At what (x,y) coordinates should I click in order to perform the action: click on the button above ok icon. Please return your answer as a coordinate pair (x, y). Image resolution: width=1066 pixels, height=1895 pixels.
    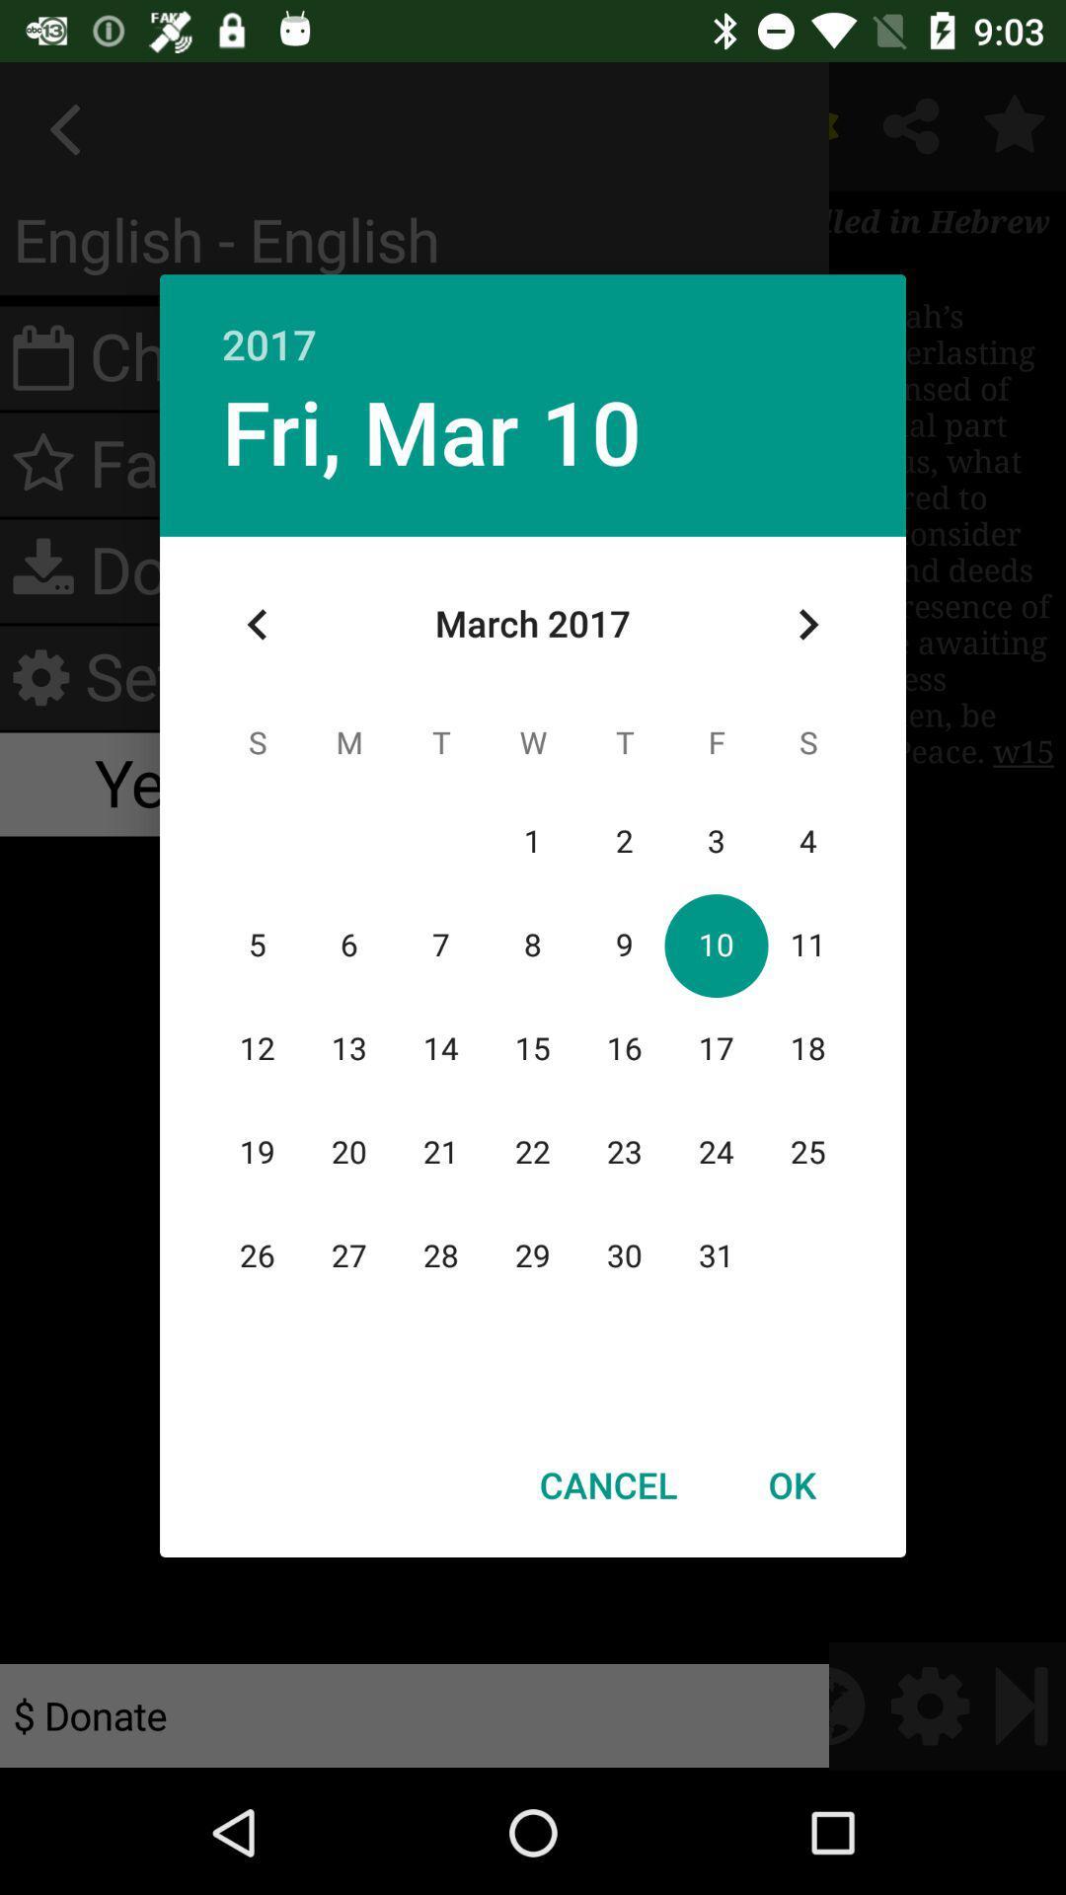
    Looking at the image, I should click on (807, 624).